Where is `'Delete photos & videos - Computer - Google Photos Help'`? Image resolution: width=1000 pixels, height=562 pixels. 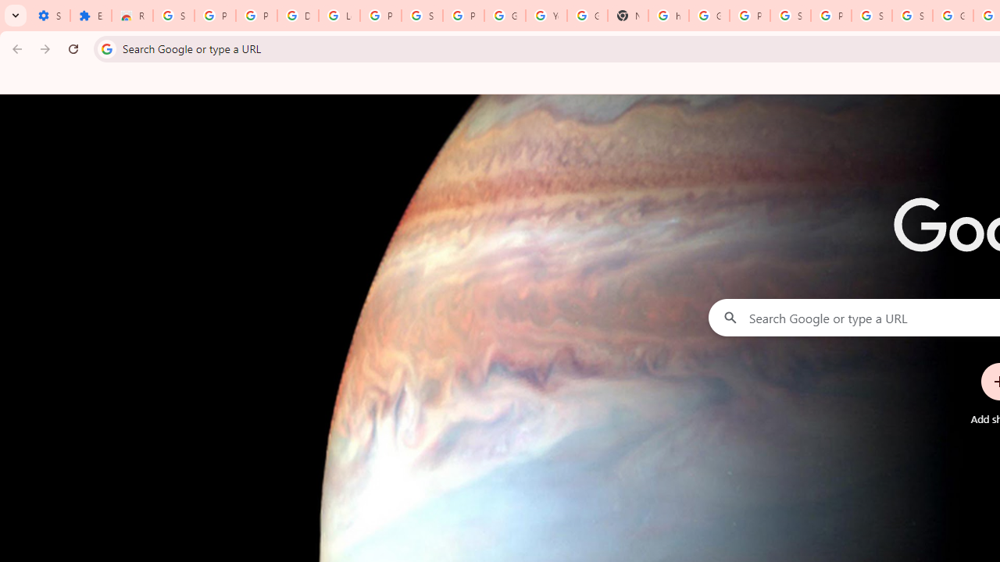
'Delete photos & videos - Computer - Google Photos Help' is located at coordinates (298, 16).